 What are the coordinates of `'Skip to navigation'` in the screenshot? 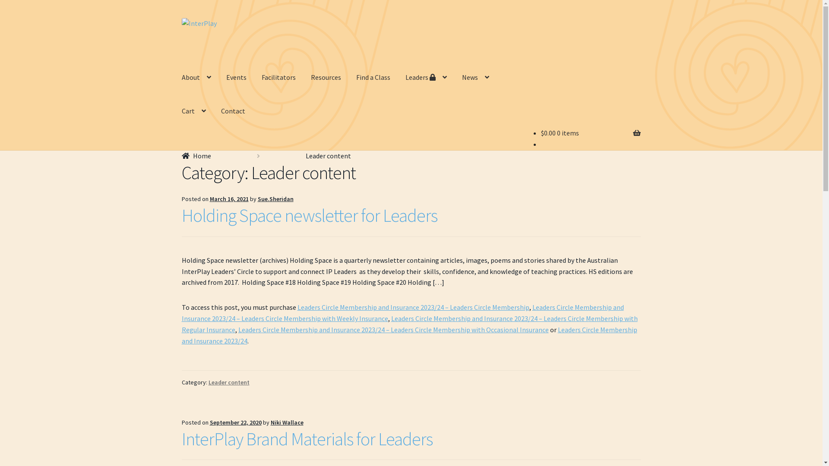 It's located at (181, 18).